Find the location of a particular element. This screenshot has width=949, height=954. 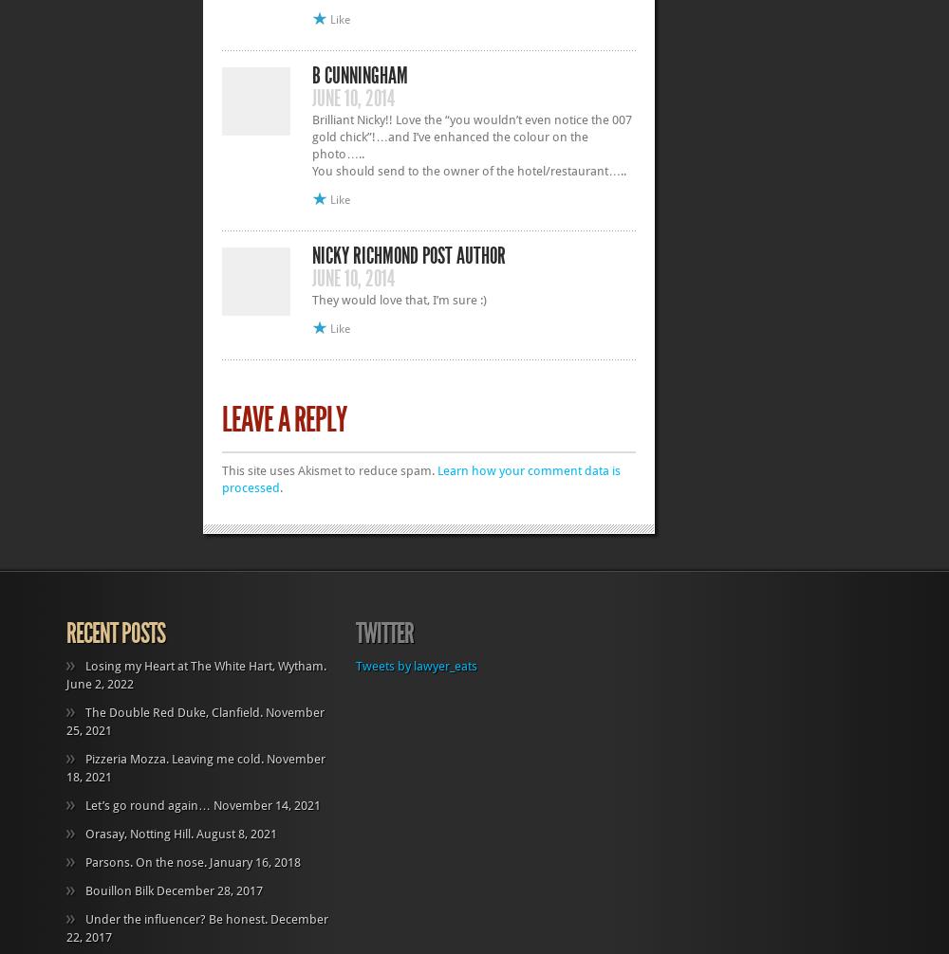

'Under the influencer? Be honest.' is located at coordinates (177, 917).